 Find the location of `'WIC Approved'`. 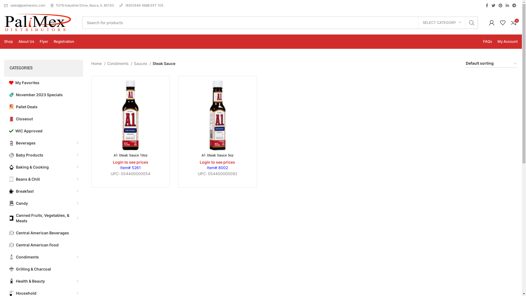

'WIC Approved' is located at coordinates (4, 131).